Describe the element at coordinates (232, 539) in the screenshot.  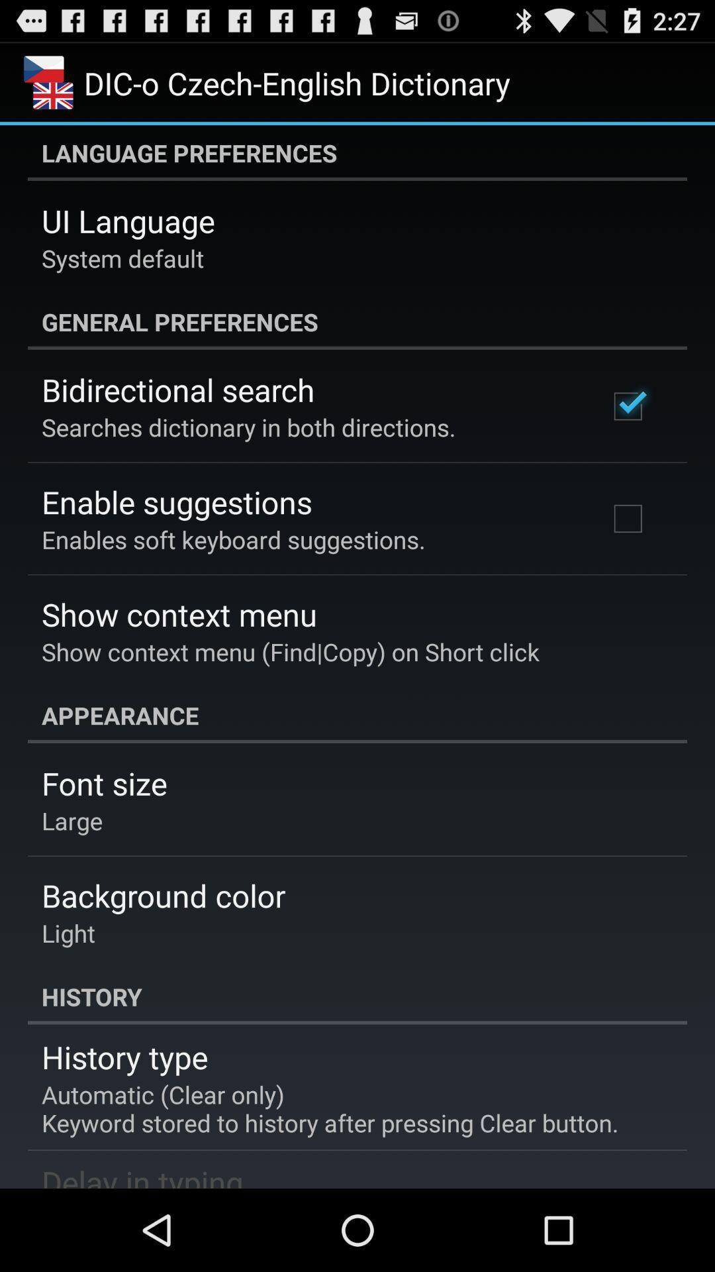
I see `the app below the enable suggestions app` at that location.